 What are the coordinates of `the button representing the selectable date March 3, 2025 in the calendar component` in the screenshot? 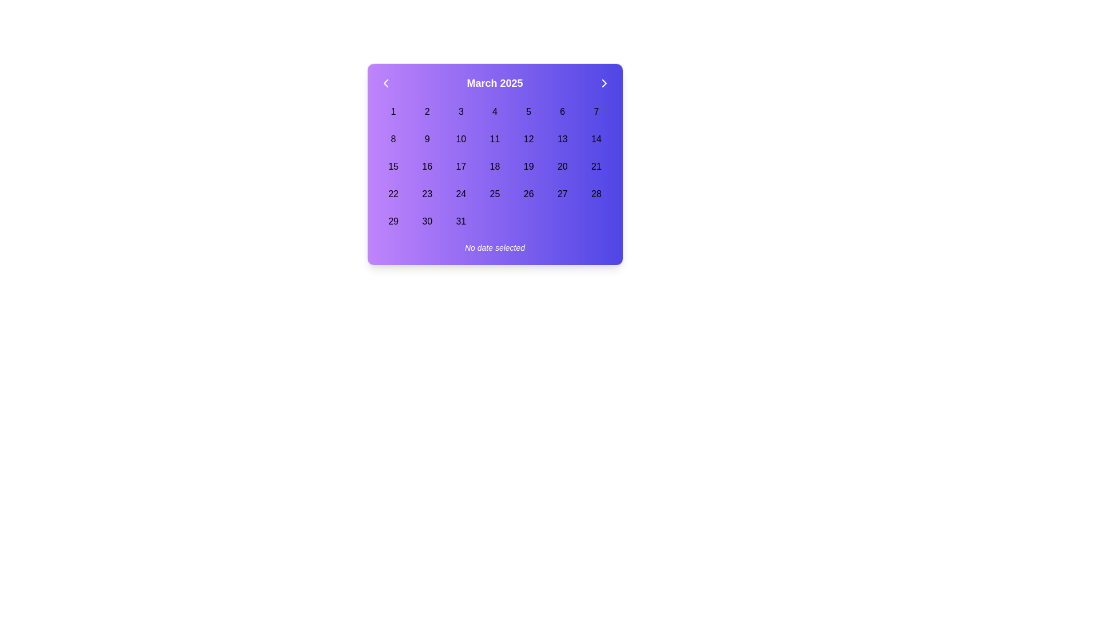 It's located at (461, 112).